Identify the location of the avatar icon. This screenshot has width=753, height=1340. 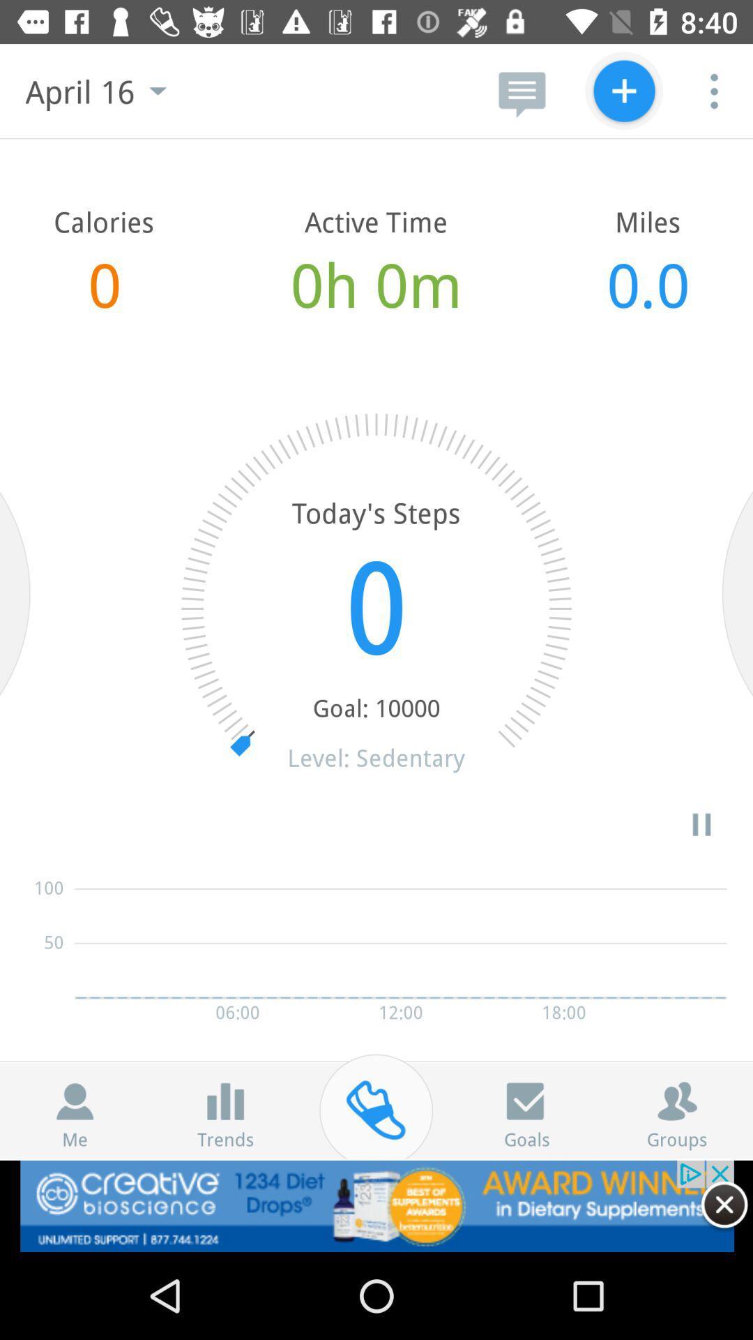
(75, 1101).